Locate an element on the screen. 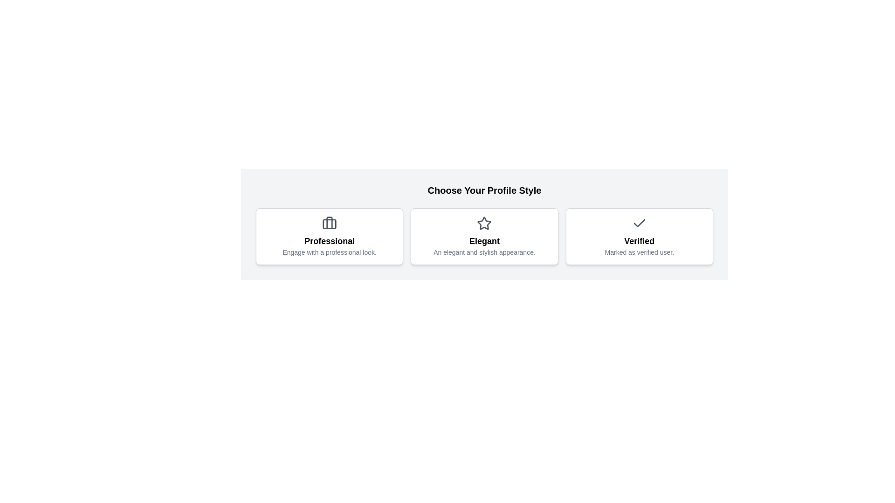  the profile style Verified by clicking on its respective button is located at coordinates (639, 236).